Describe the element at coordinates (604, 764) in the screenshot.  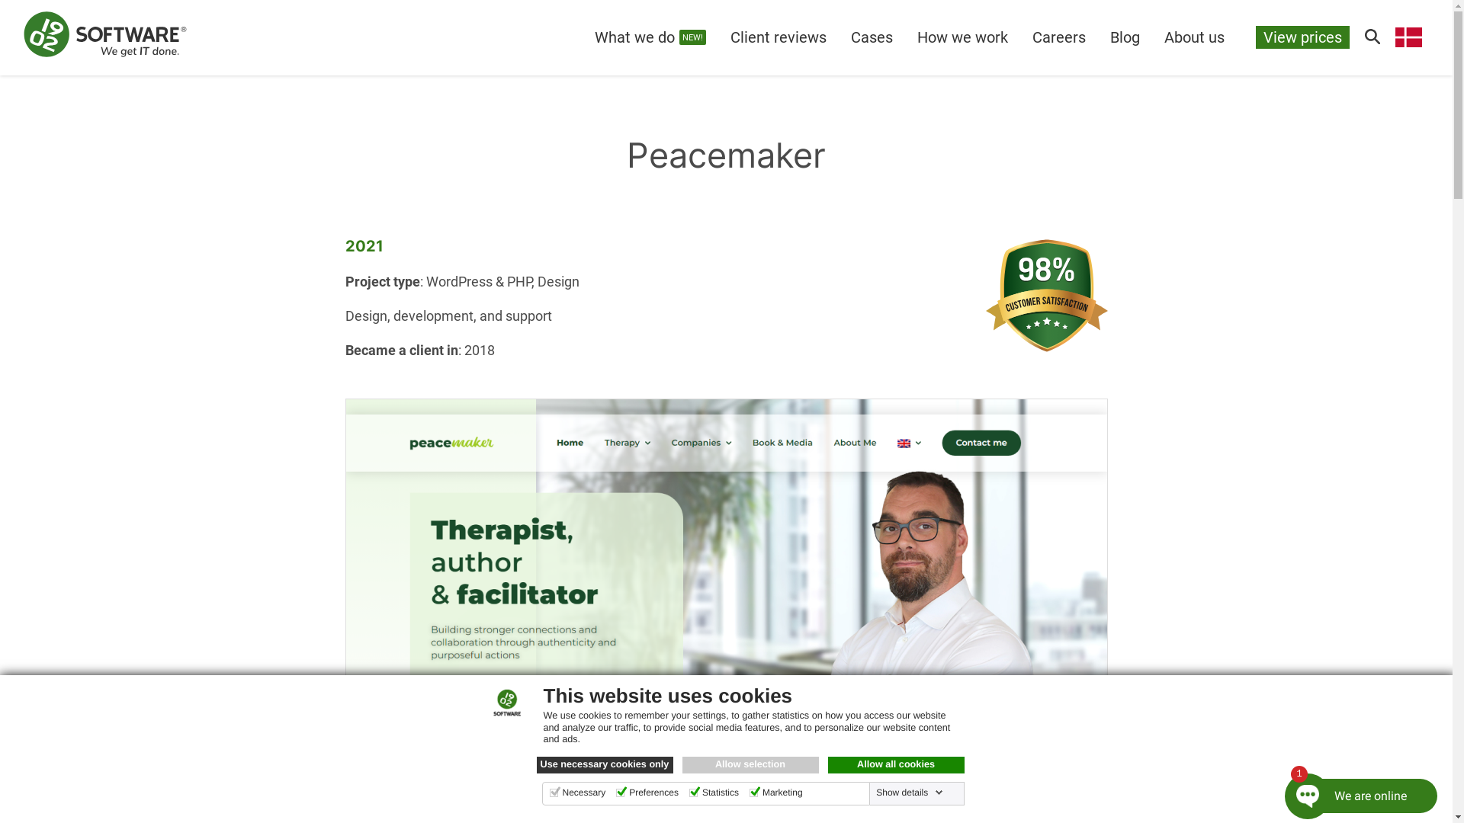
I see `'Use necessary cookies only'` at that location.